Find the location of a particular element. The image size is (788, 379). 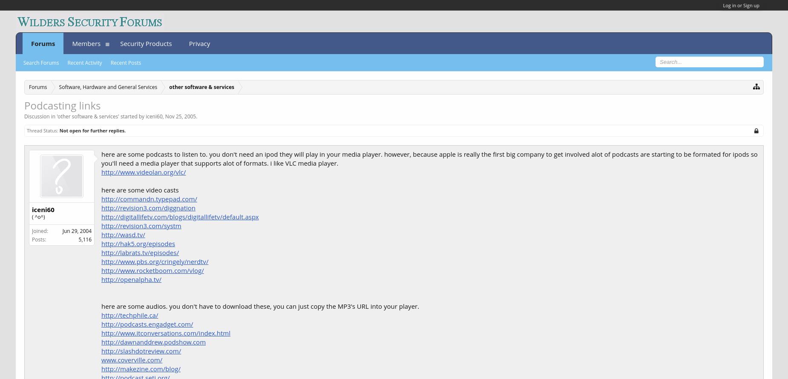

'Nov 25, 2005' is located at coordinates (180, 116).